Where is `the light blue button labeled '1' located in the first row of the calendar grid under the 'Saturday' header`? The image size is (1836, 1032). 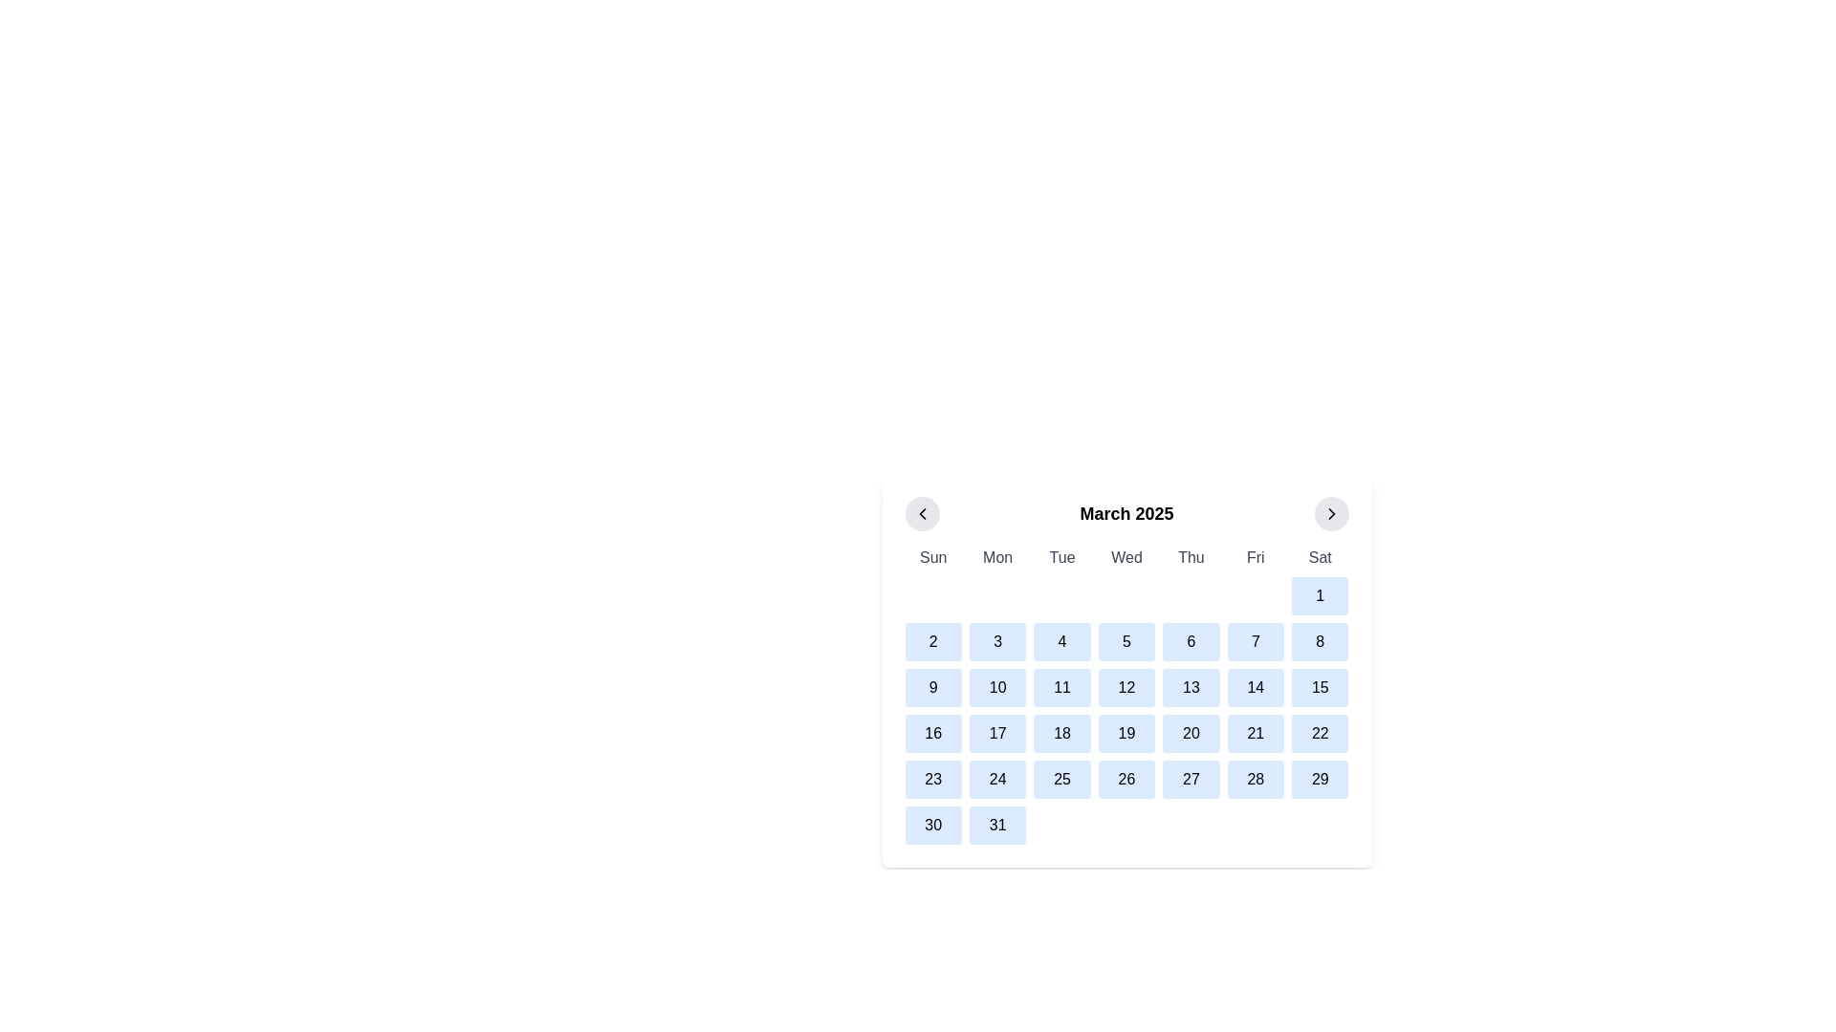
the light blue button labeled '1' located in the first row of the calendar grid under the 'Saturday' header is located at coordinates (1319, 595).